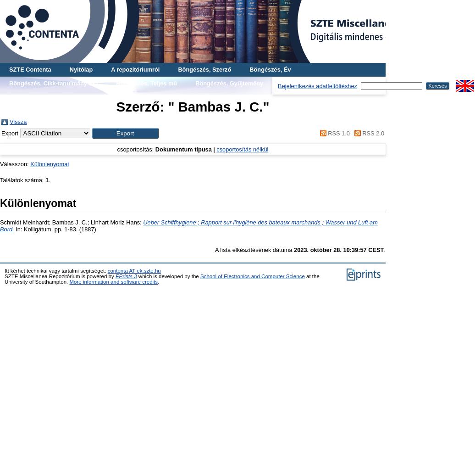  Describe the element at coordinates (242, 149) in the screenshot. I see `'csoportosítás nélkül'` at that location.